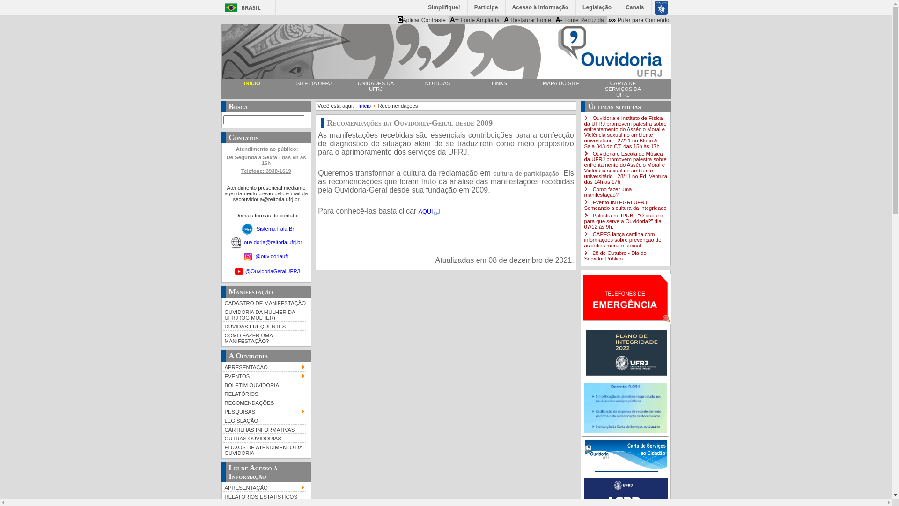  I want to click on 'A+ Fonte Ampliada', so click(474, 20).